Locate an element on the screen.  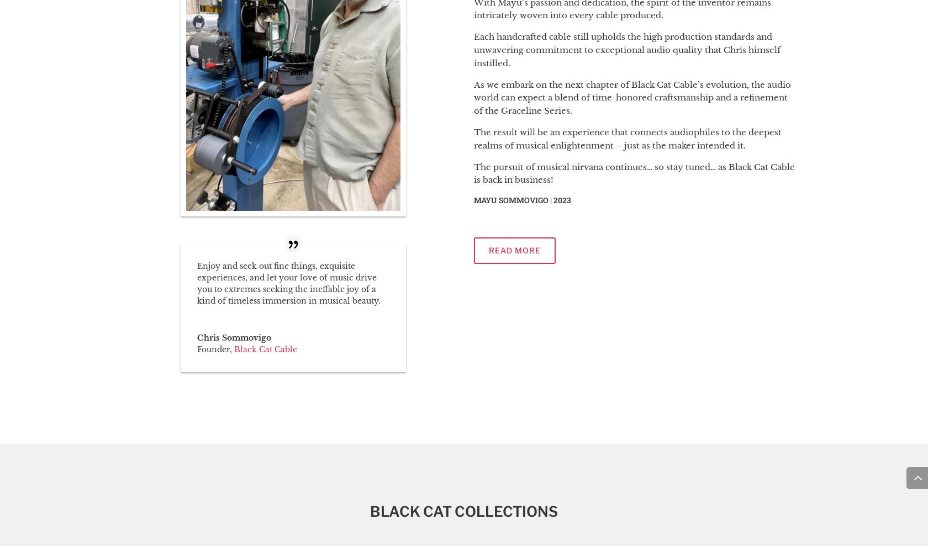
'Chris Sommovigo' is located at coordinates (197, 337).